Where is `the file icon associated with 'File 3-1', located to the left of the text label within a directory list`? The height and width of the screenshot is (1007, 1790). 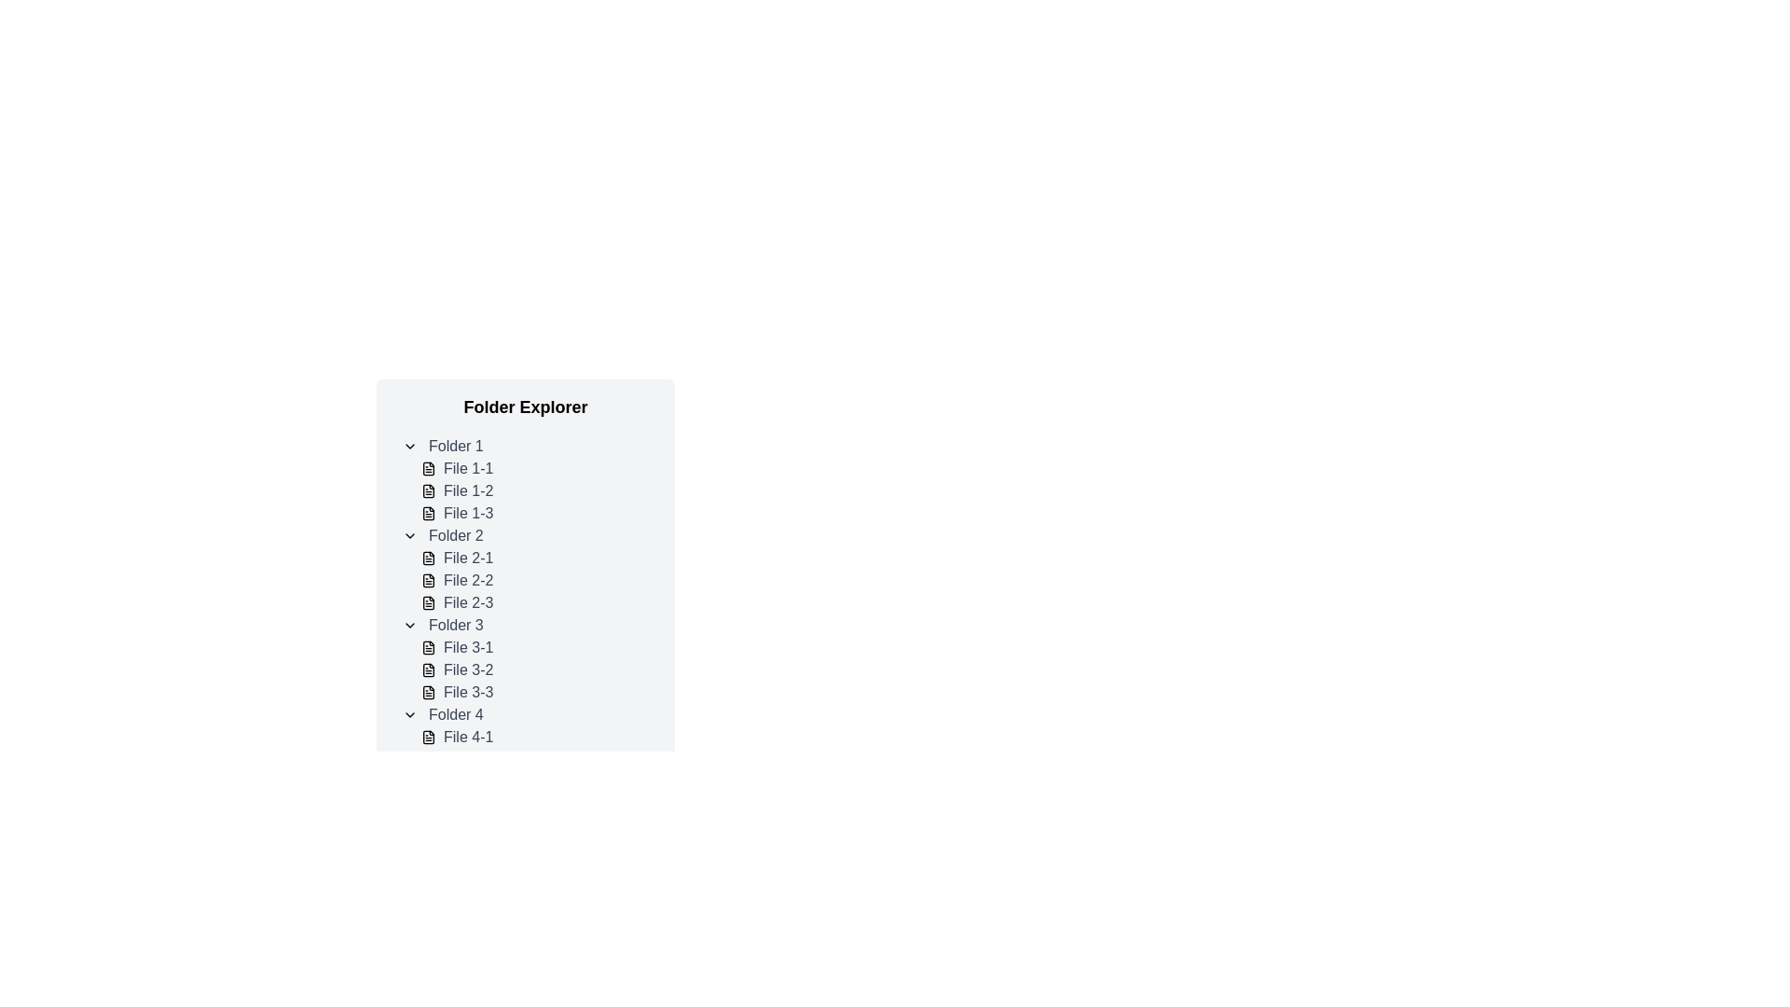
the file icon associated with 'File 3-1', located to the left of the text label within a directory list is located at coordinates (428, 646).